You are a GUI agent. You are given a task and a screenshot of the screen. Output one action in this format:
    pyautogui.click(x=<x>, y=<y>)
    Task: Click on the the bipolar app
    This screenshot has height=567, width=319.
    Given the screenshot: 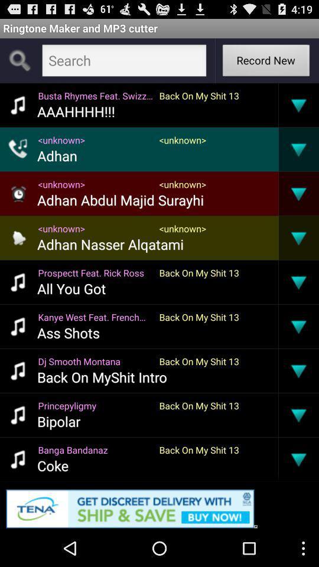 What is the action you would take?
    pyautogui.click(x=58, y=421)
    